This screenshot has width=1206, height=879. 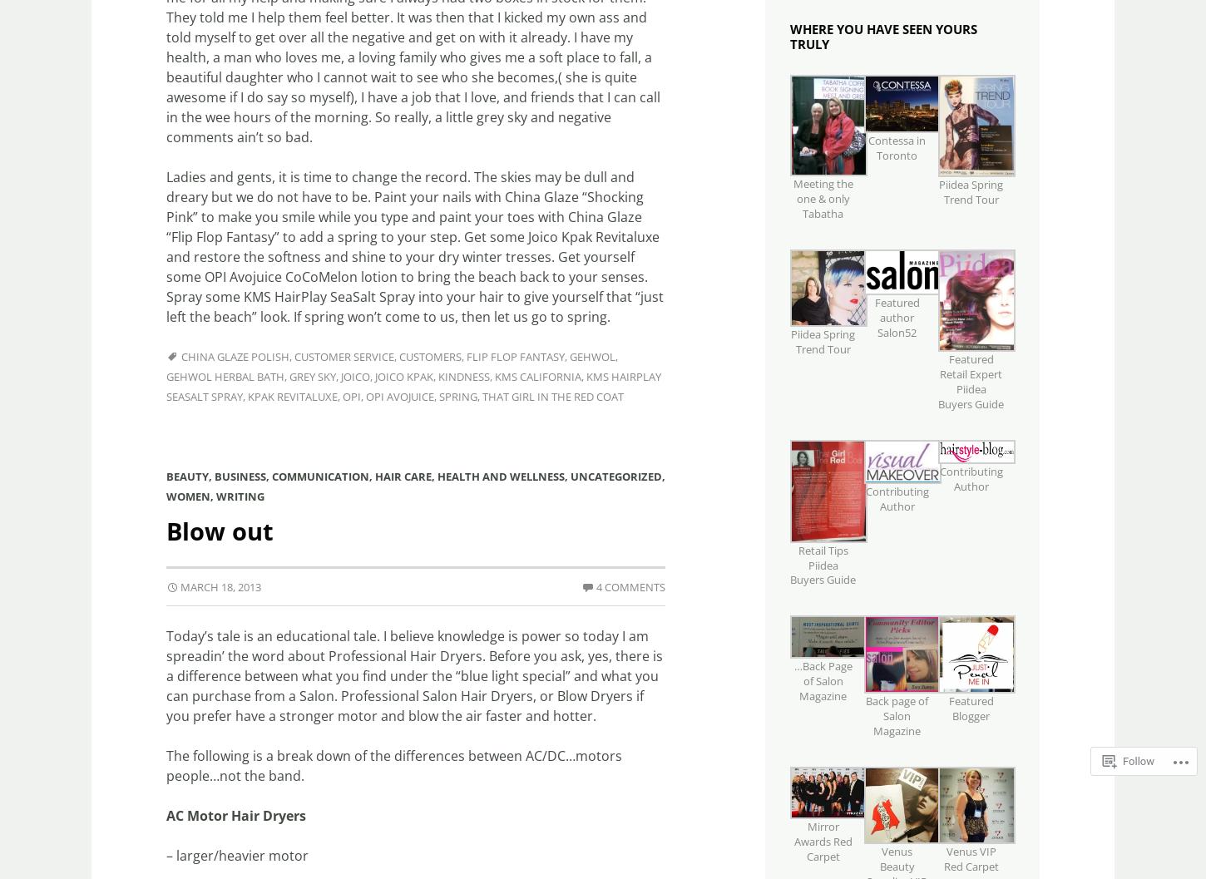 I want to click on 'Featured Retail Expert Piidea Buyers Guide', so click(x=970, y=381).